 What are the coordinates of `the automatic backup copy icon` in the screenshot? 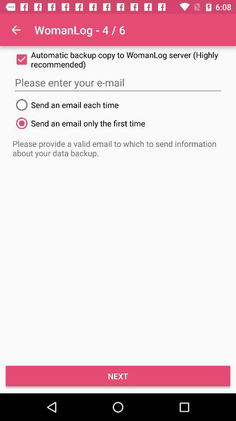 It's located at (118, 59).